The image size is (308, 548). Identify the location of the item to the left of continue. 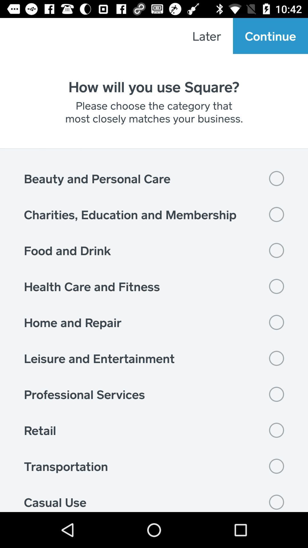
(206, 35).